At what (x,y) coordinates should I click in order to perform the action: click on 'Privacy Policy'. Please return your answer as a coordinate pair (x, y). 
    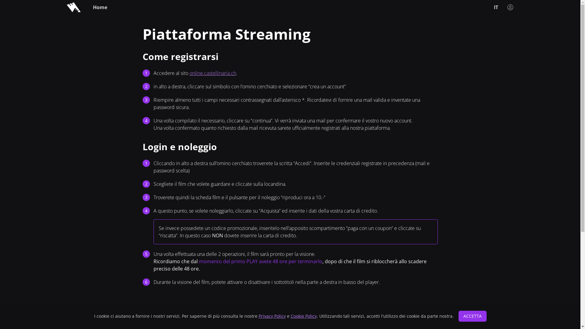
    Looking at the image, I should click on (271, 316).